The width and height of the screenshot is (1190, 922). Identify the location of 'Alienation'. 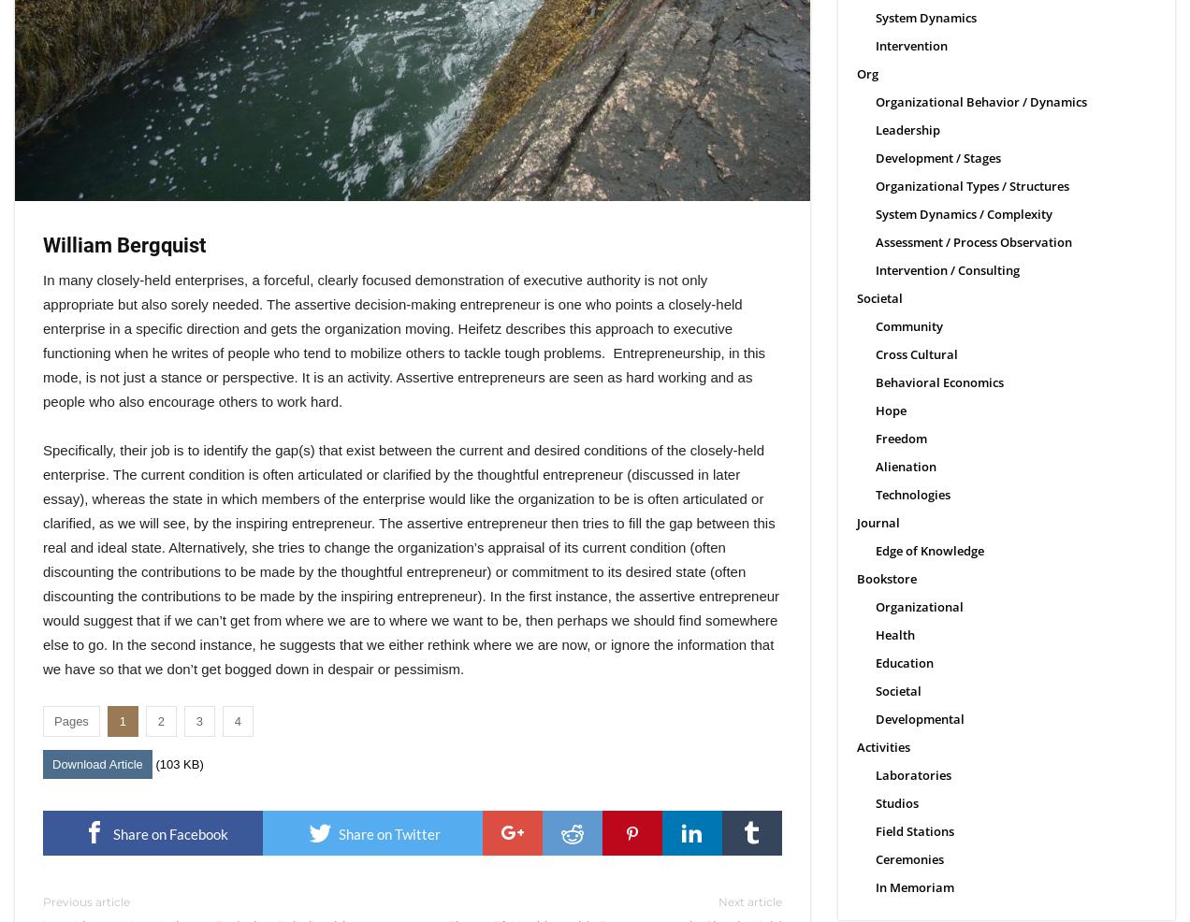
(905, 466).